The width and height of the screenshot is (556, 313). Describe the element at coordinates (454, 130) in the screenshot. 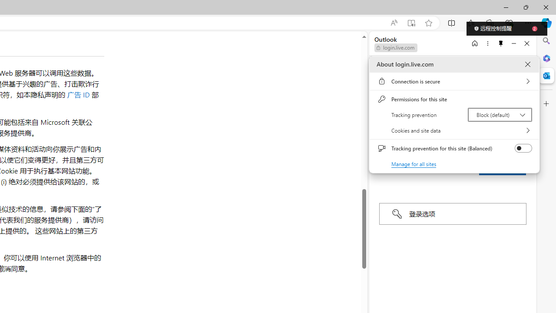

I see `'Cookies and site data'` at that location.